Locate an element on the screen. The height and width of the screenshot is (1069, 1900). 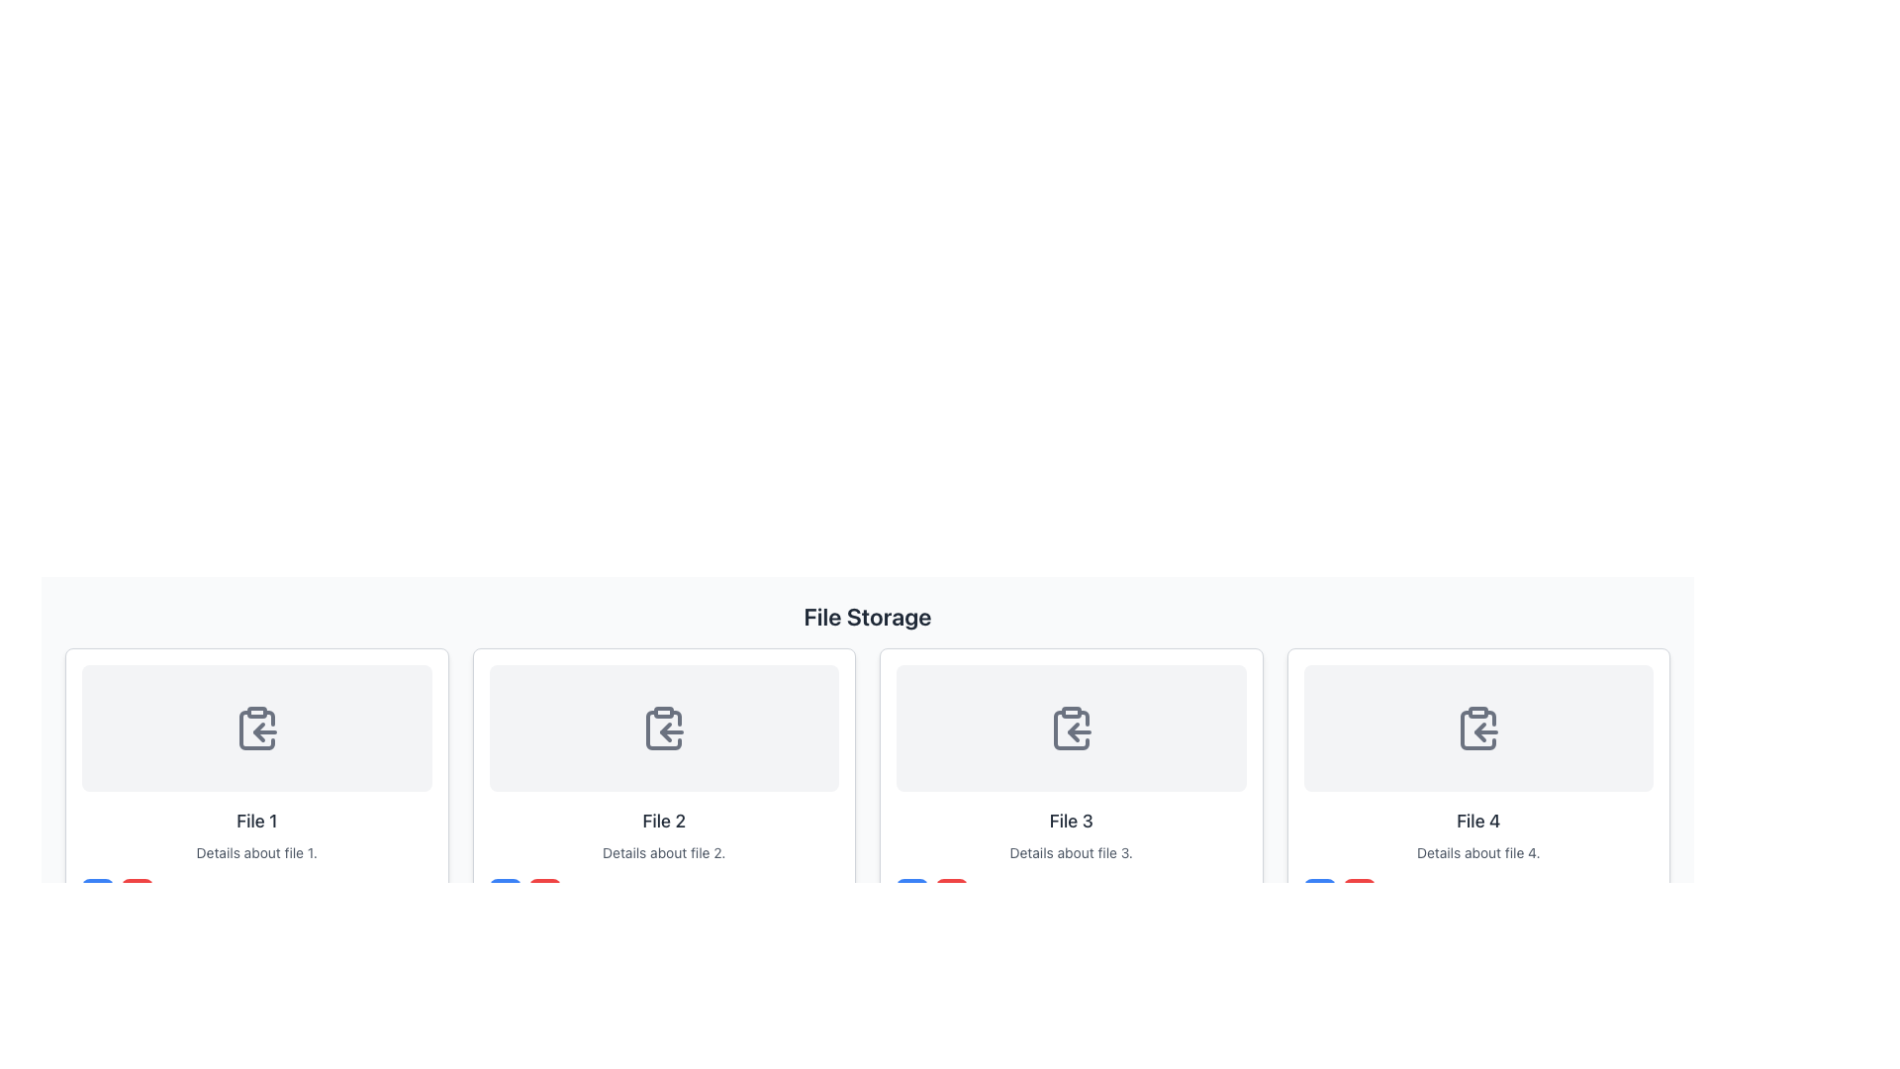
the 'File Storage' text element, which is prominently displayed in a bold, large font at the top center of the page is located at coordinates (868, 616).